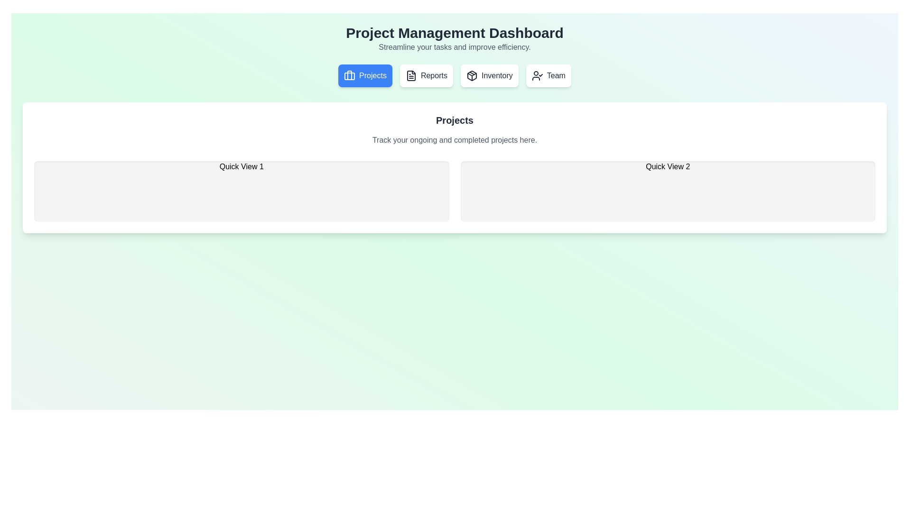  Describe the element at coordinates (472, 75) in the screenshot. I see `the iconographic button represented by a cube-like symbol, which is the third button from the left in the top section of the interface` at that location.